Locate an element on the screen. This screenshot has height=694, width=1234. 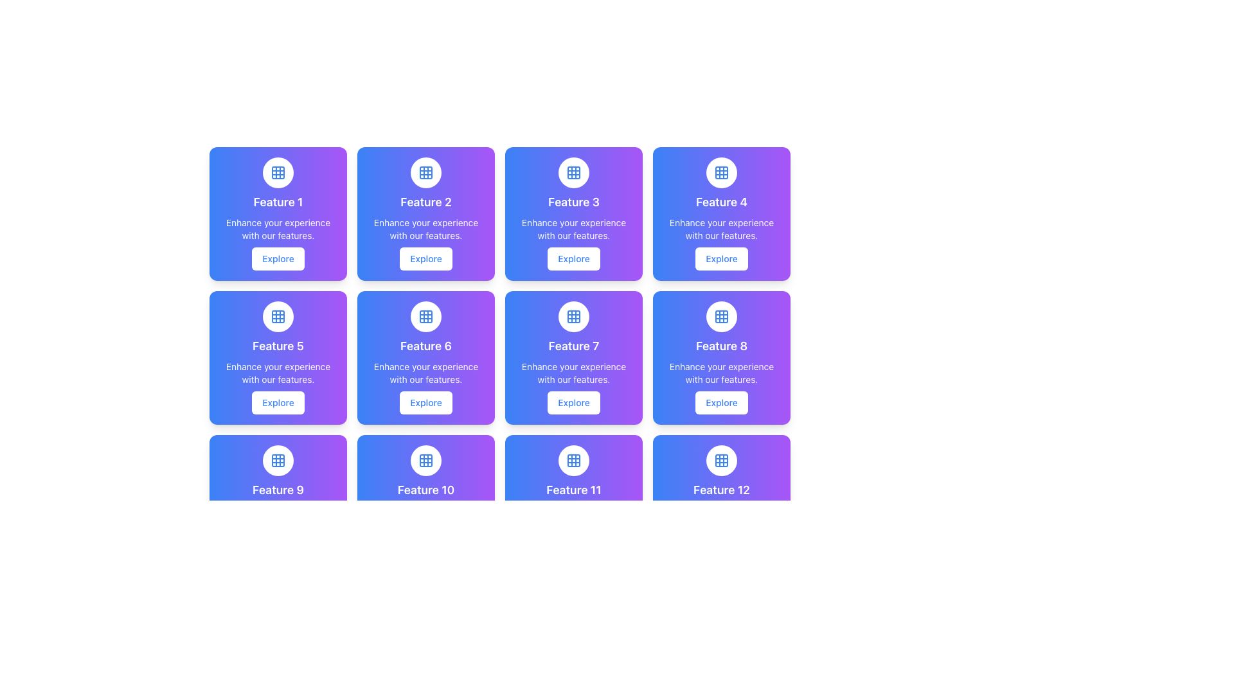
the Decorative square within the grid icon, which is located at the center of the grid structure in the Feature 5 block is located at coordinates (277, 317).